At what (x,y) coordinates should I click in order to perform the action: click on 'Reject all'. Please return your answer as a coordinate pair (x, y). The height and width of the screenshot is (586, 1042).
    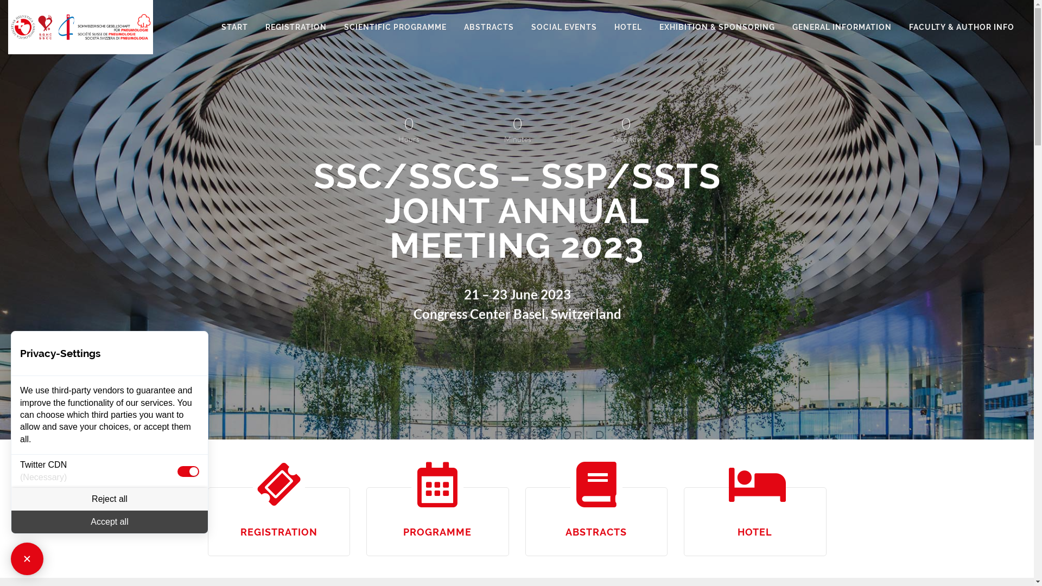
    Looking at the image, I should click on (109, 499).